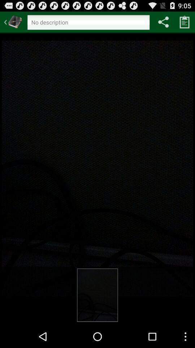  What do you see at coordinates (185, 21) in the screenshot?
I see `copy` at bounding box center [185, 21].